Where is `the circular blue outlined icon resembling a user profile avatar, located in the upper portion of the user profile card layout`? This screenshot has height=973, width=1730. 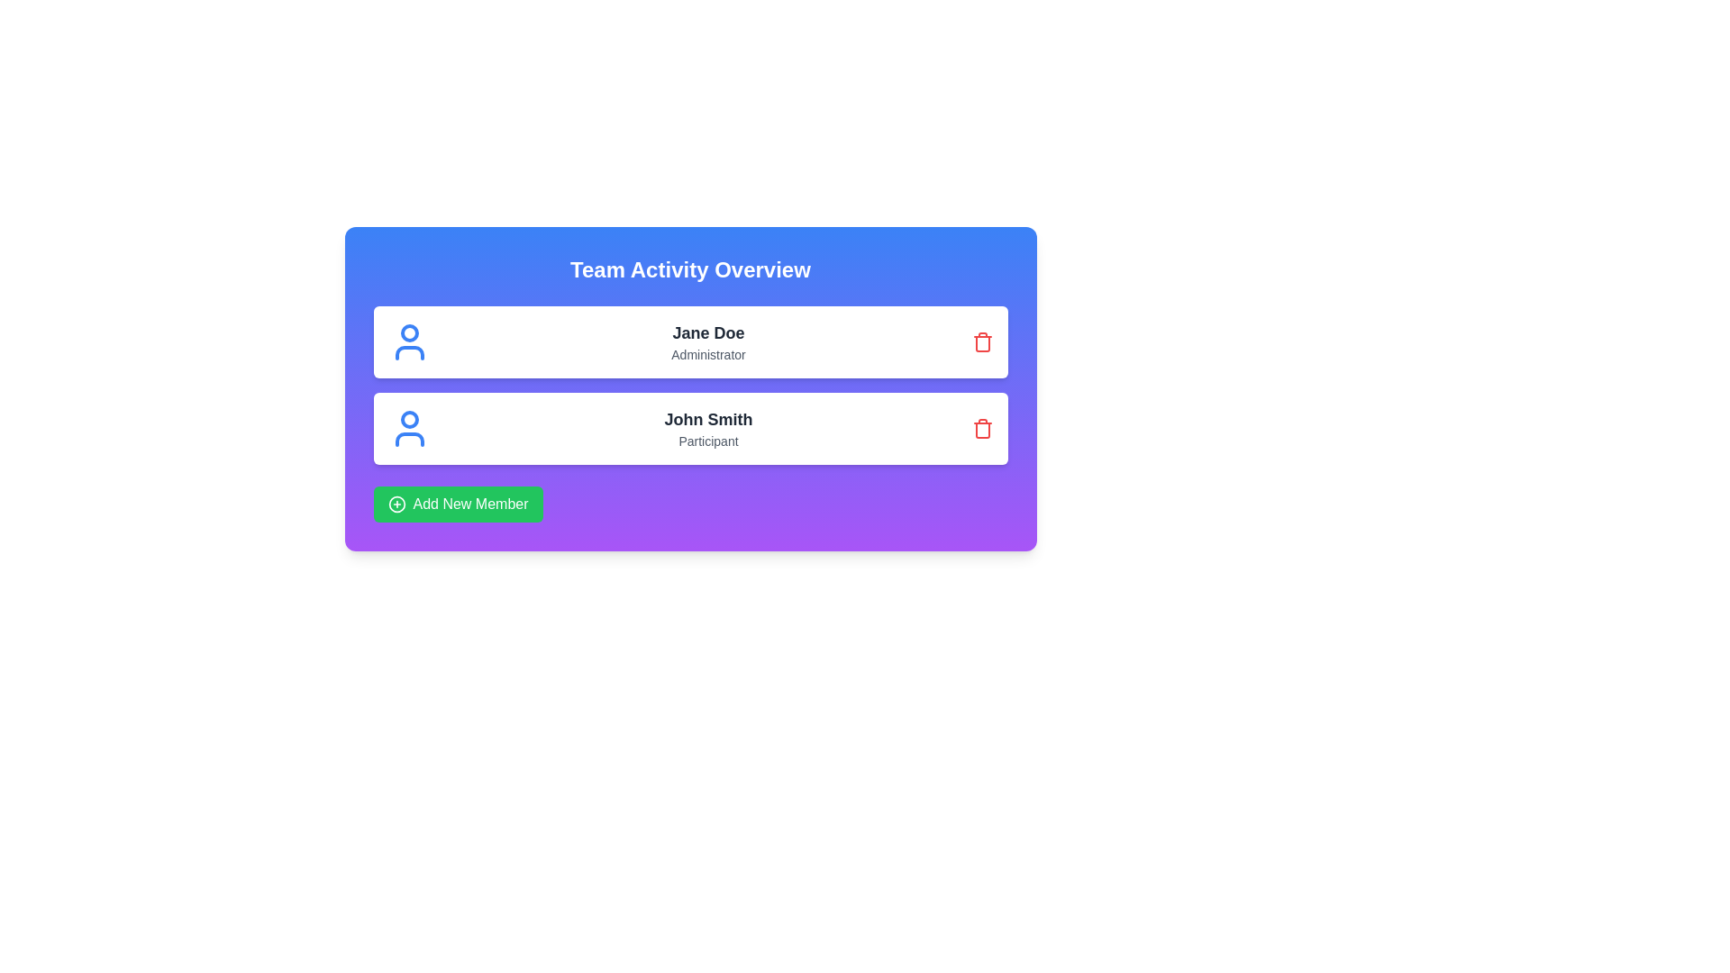
the circular blue outlined icon resembling a user profile avatar, located in the upper portion of the user profile card layout is located at coordinates (408, 333).